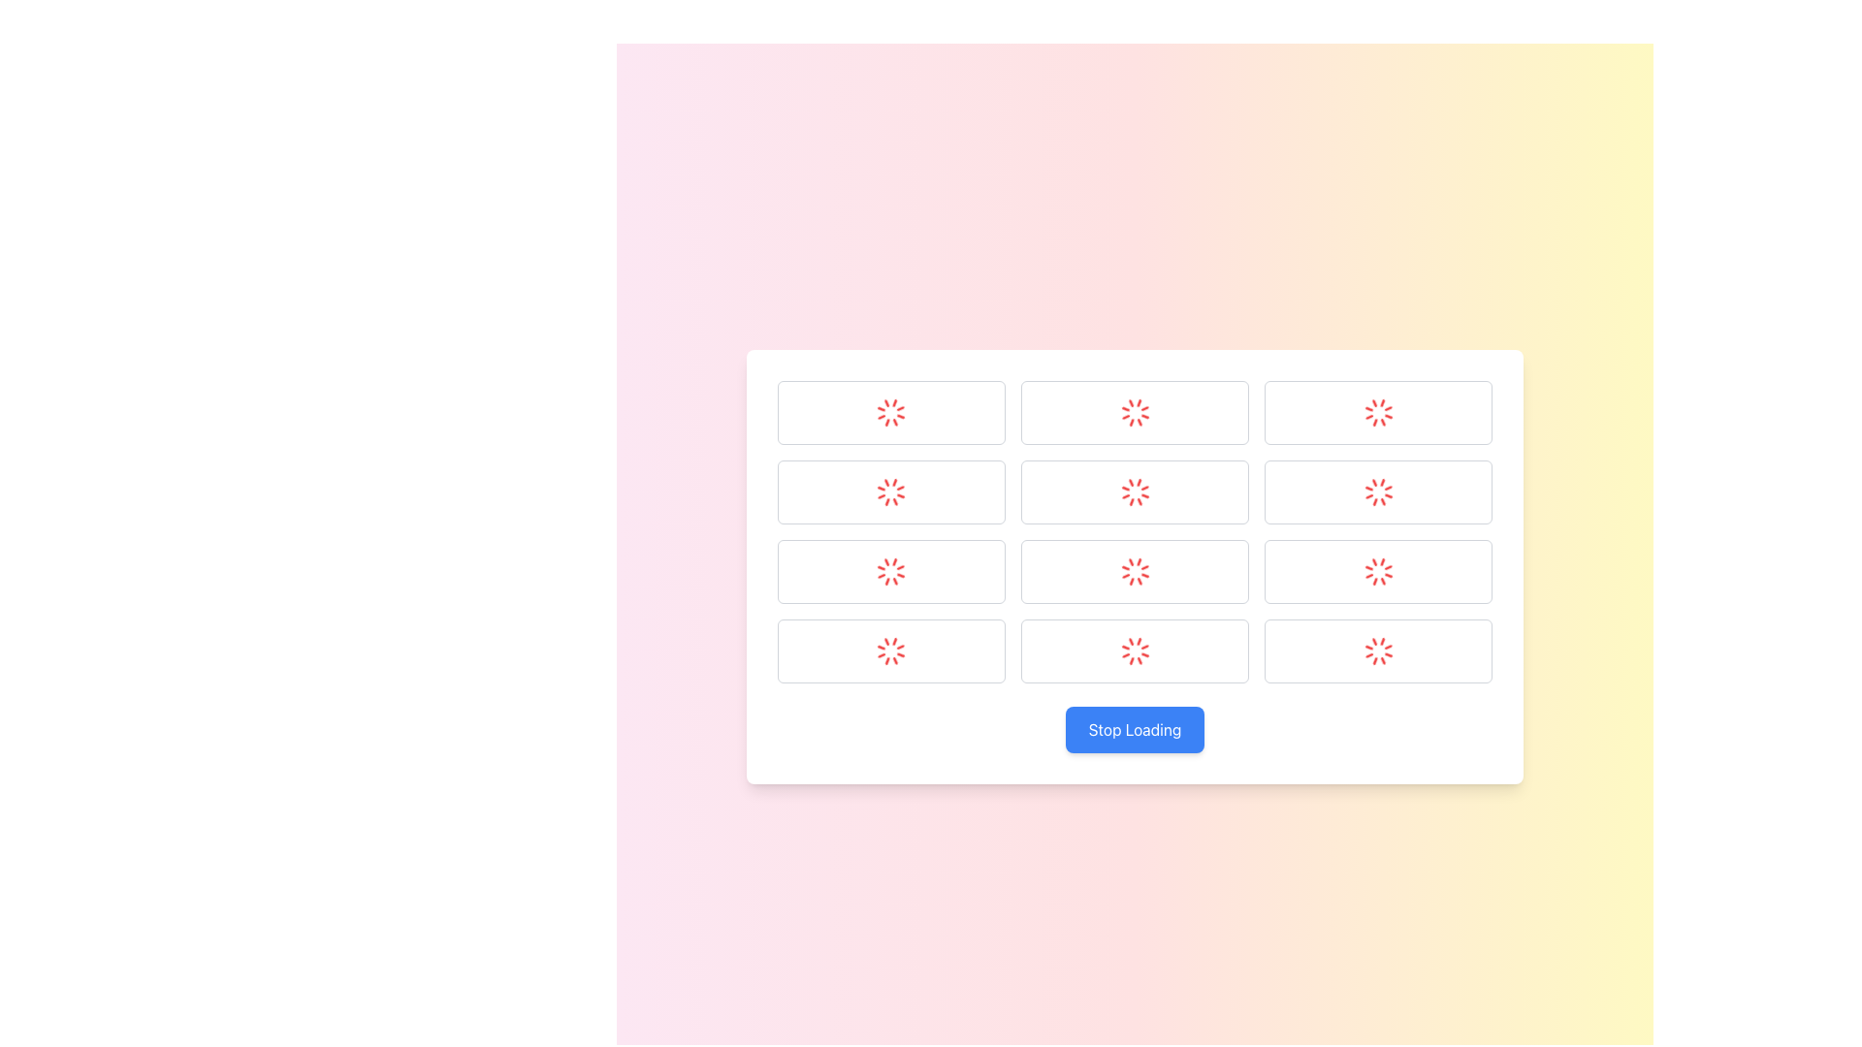 The image size is (1862, 1047). I want to click on the loading indicator that is part of the first row and first column in a grid layout, indicating that the system is busy or processing, so click(890, 411).